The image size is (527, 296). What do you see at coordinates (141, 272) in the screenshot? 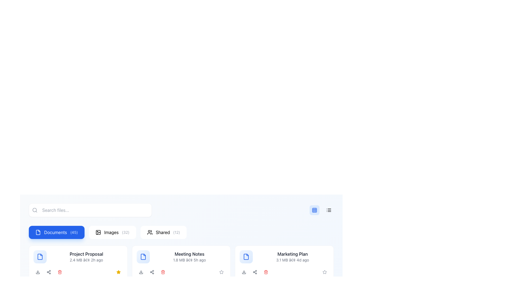
I see `the download button represented by a small gray download icon with rounded edges, located below the 'Meeting Notes' card in the 'Documents' section, to download the file` at bounding box center [141, 272].